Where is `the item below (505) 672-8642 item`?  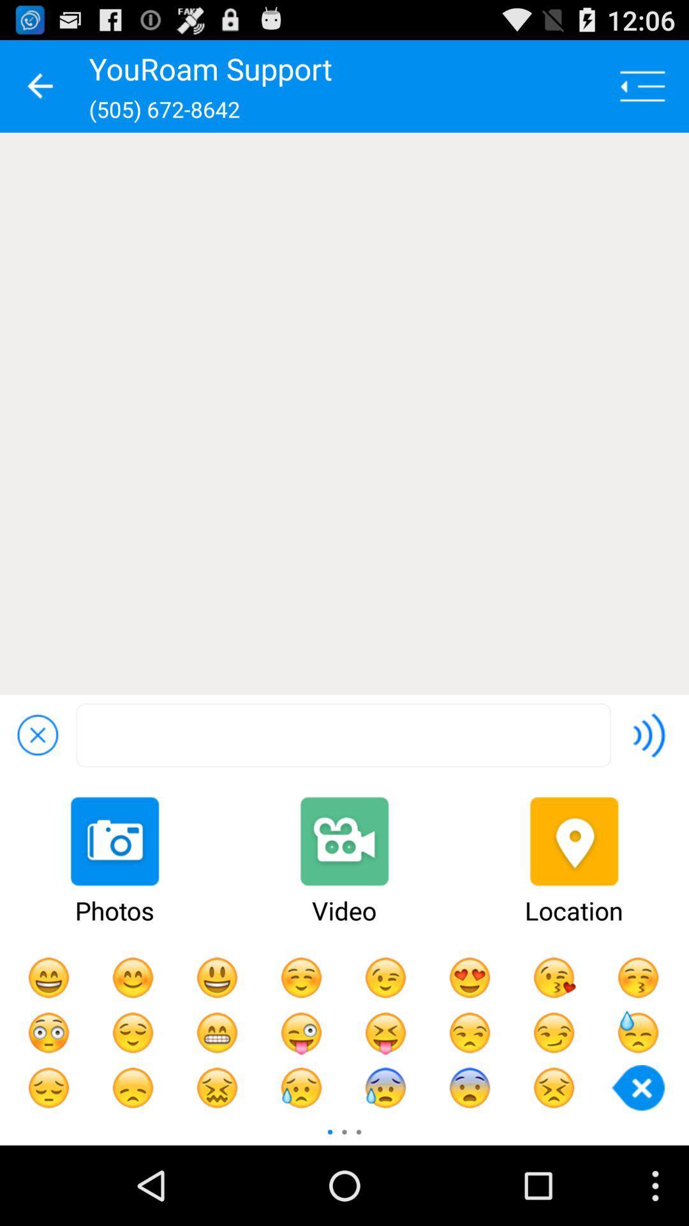 the item below (505) 672-8642 item is located at coordinates (344, 414).